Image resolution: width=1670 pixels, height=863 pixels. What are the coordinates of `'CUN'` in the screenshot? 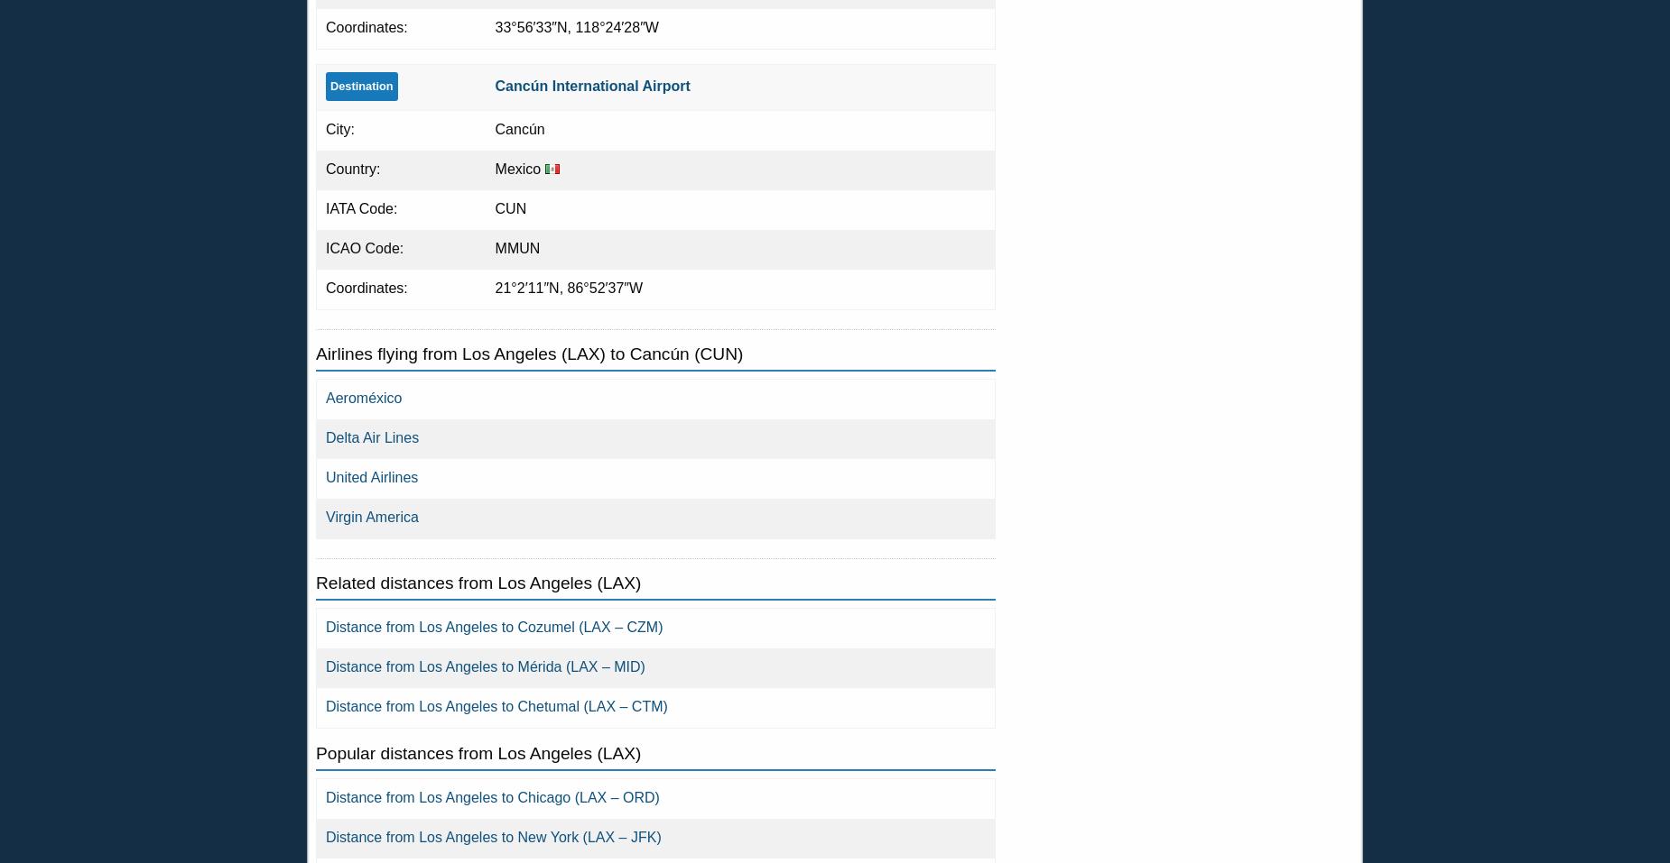 It's located at (494, 207).